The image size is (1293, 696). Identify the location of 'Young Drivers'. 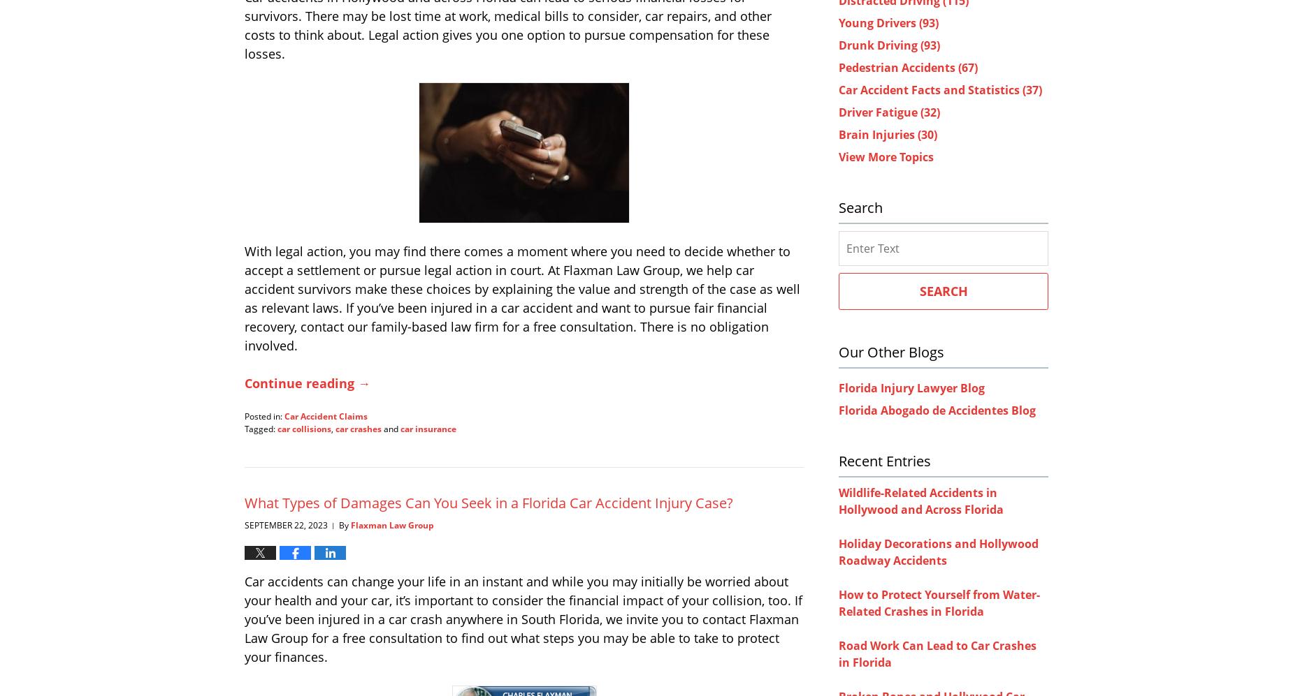
(837, 22).